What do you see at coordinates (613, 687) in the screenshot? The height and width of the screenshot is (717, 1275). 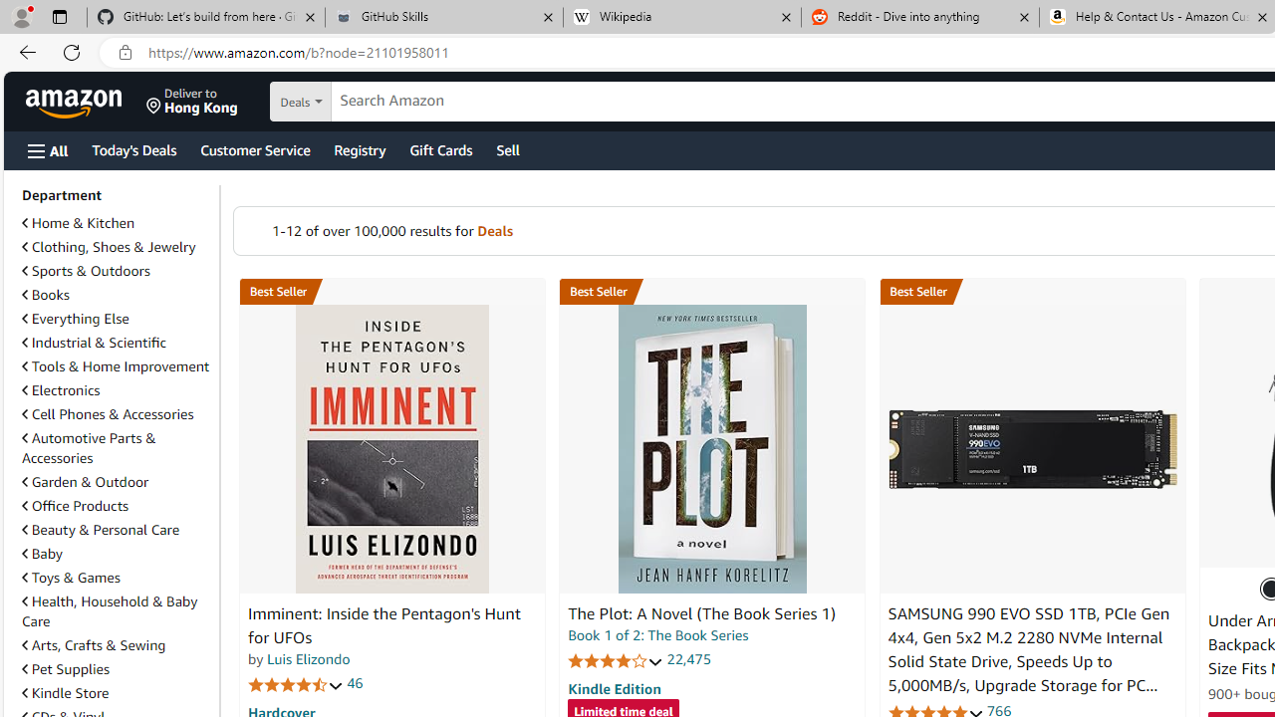 I see `'Kindle Edition'` at bounding box center [613, 687].